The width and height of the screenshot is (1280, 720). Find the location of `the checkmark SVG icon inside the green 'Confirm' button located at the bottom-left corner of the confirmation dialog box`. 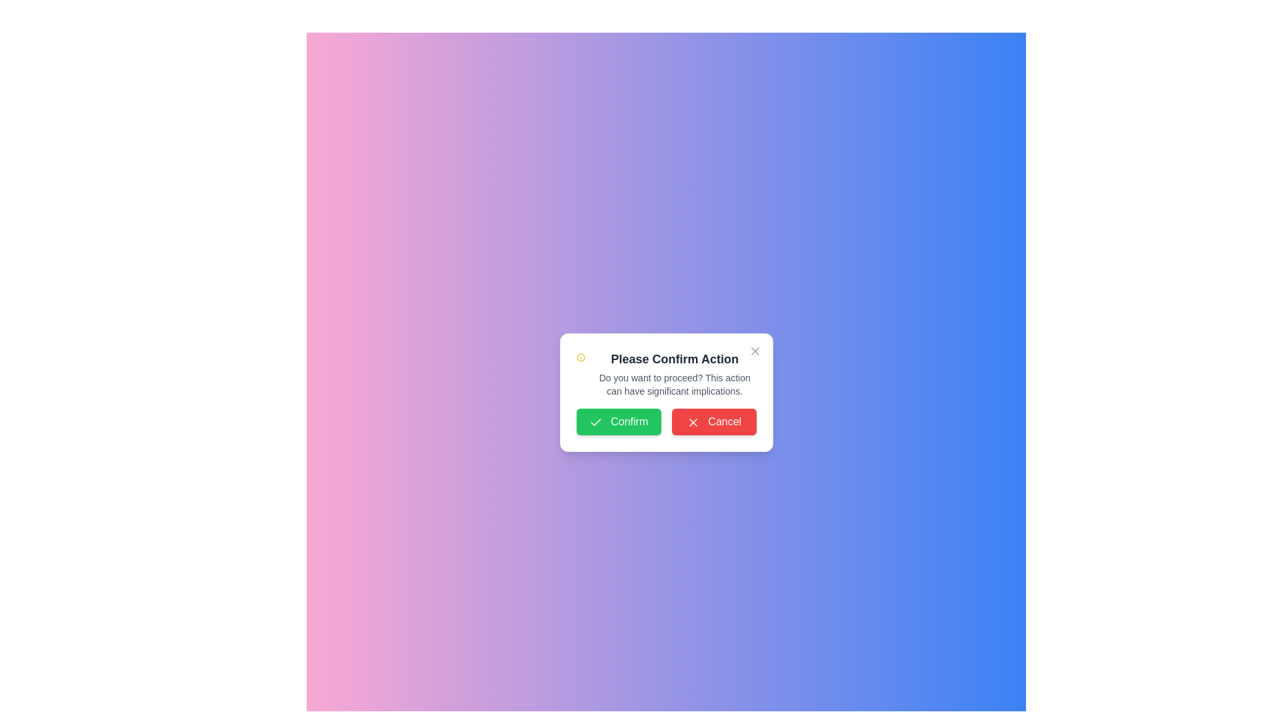

the checkmark SVG icon inside the green 'Confirm' button located at the bottom-left corner of the confirmation dialog box is located at coordinates (595, 422).